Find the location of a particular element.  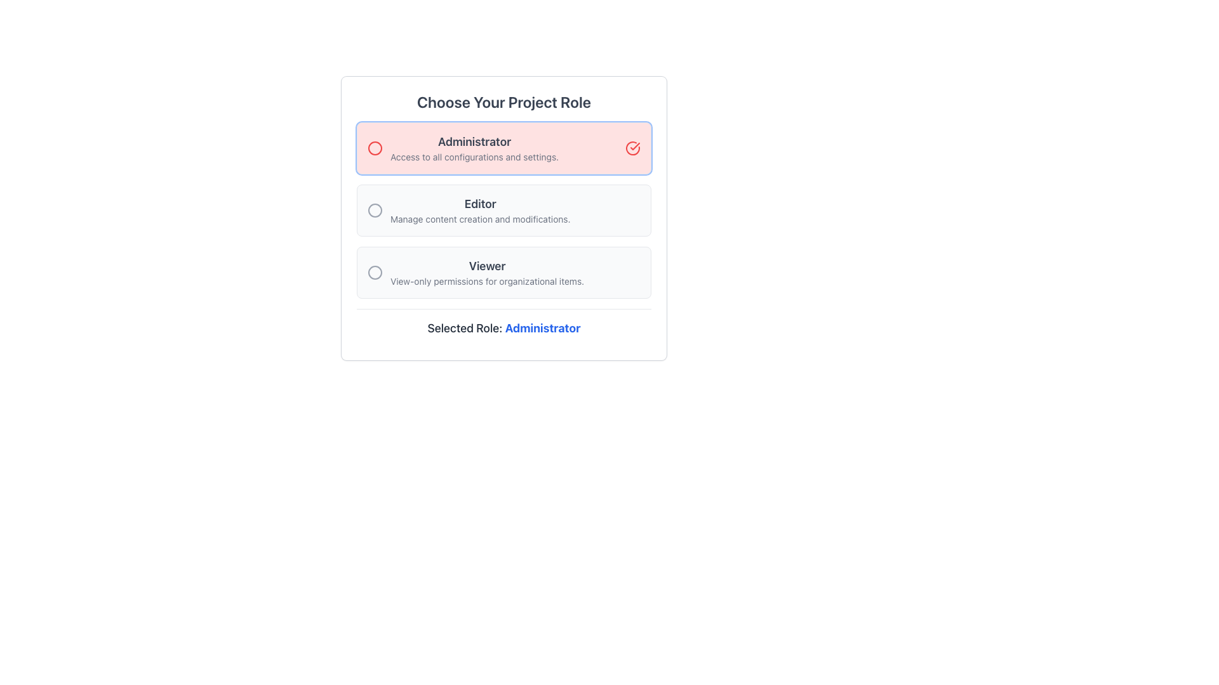

the text label 'Administrator', which is styled in bold, larger dark gray font and is associated with the description 'Access to all configurations and settings' under the heading 'Choose Your Project Role' is located at coordinates (474, 141).